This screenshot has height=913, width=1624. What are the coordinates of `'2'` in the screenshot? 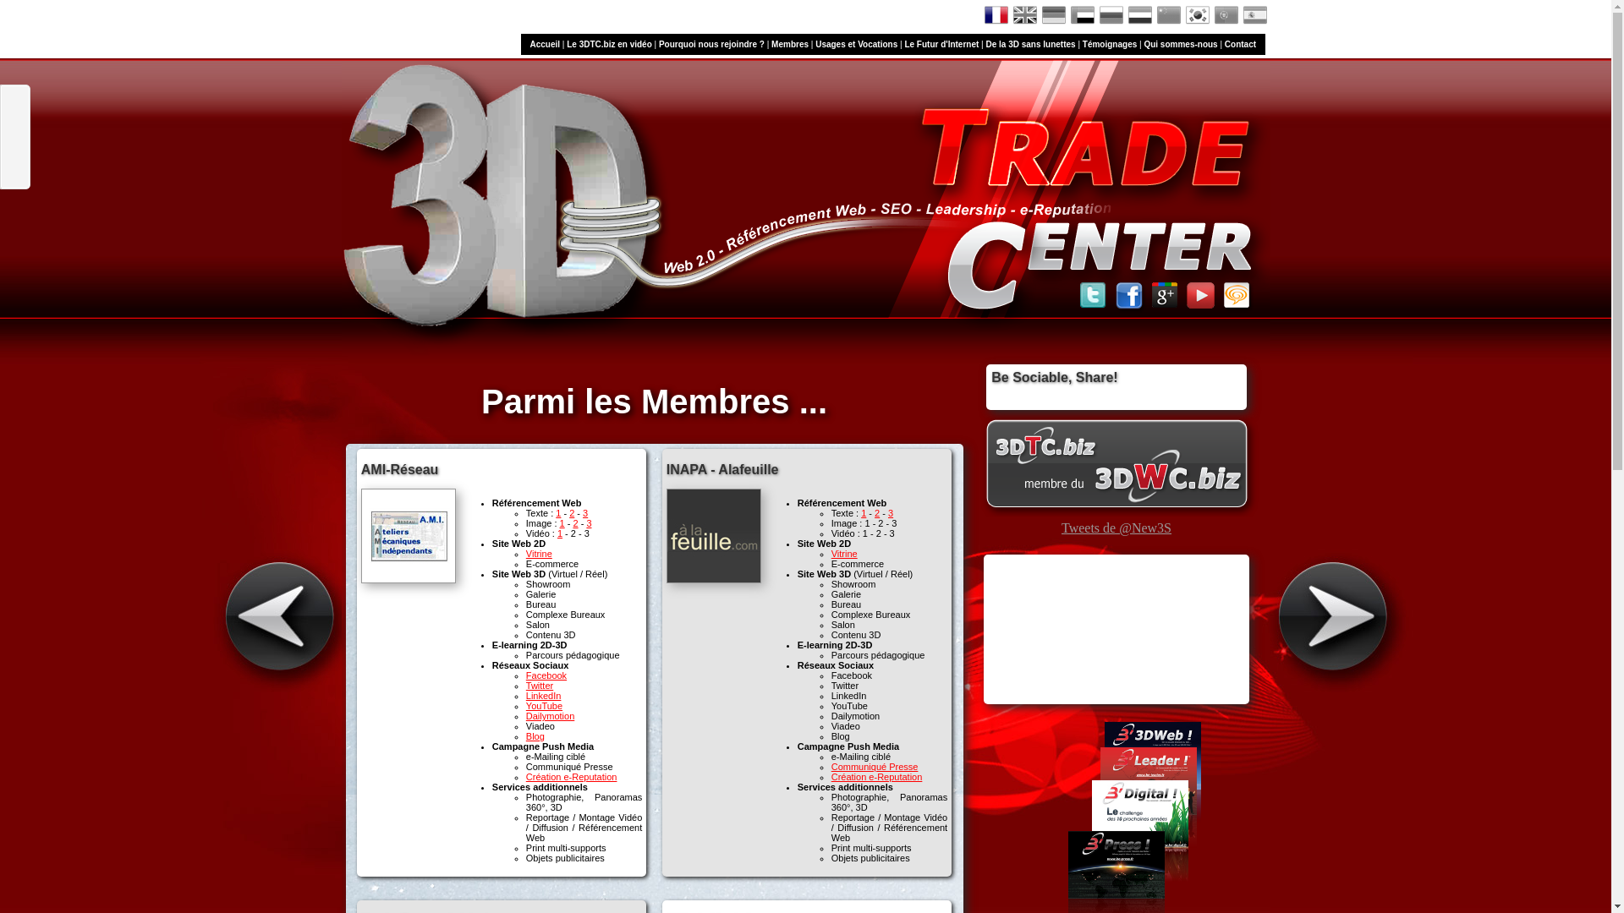 It's located at (572, 511).